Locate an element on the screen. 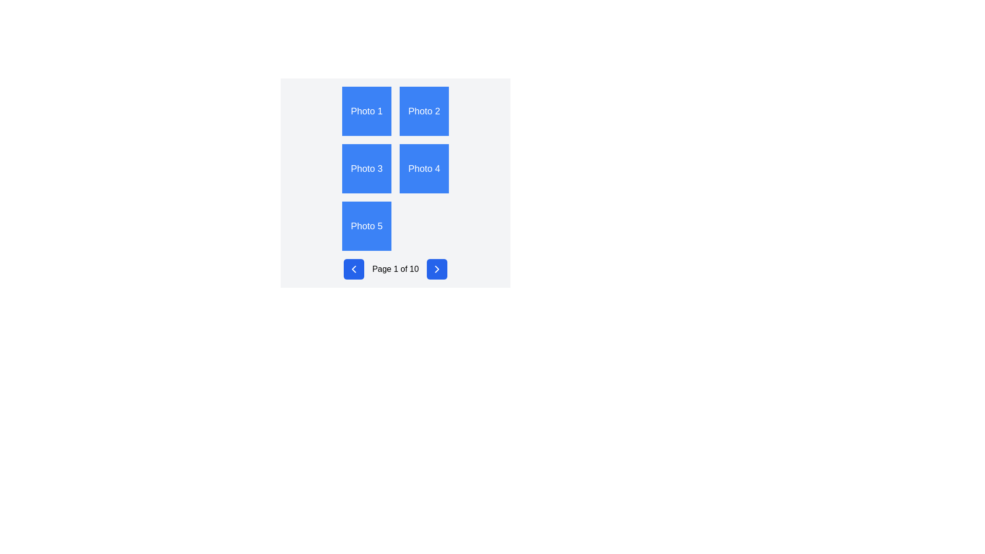 Image resolution: width=985 pixels, height=554 pixels. the blue rounded rectangle button with a right-facing chevron icon at its center, located at the bottom of the UI layout, to trigger hover effects is located at coordinates (437, 268).